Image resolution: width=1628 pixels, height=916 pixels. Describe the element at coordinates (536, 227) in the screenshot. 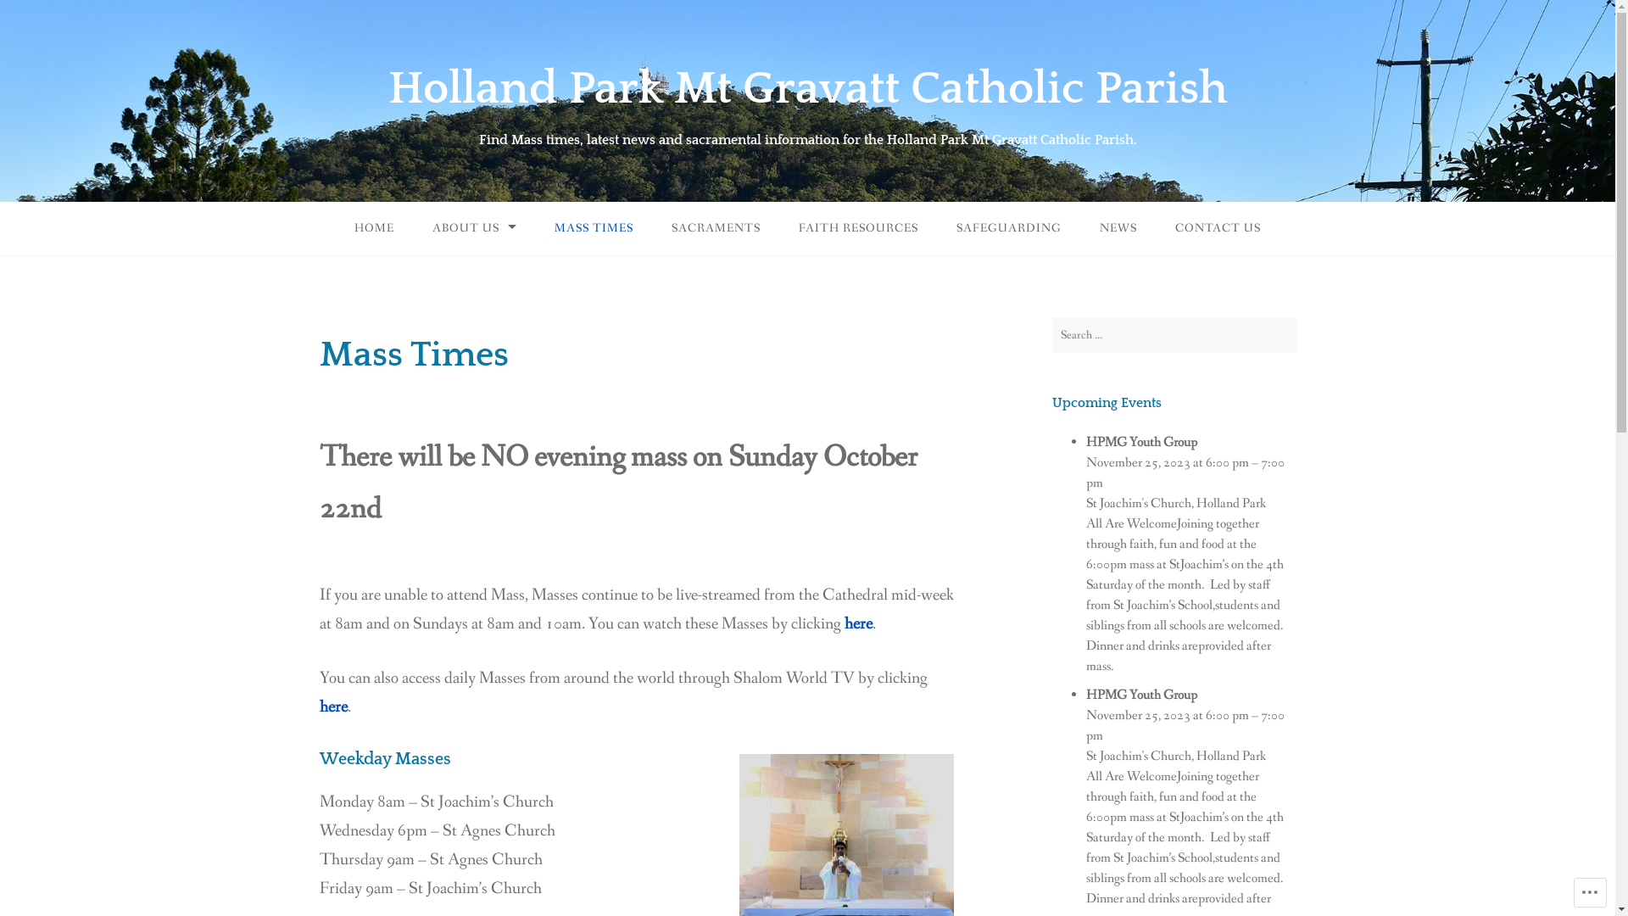

I see `'MASS TIMES'` at that location.